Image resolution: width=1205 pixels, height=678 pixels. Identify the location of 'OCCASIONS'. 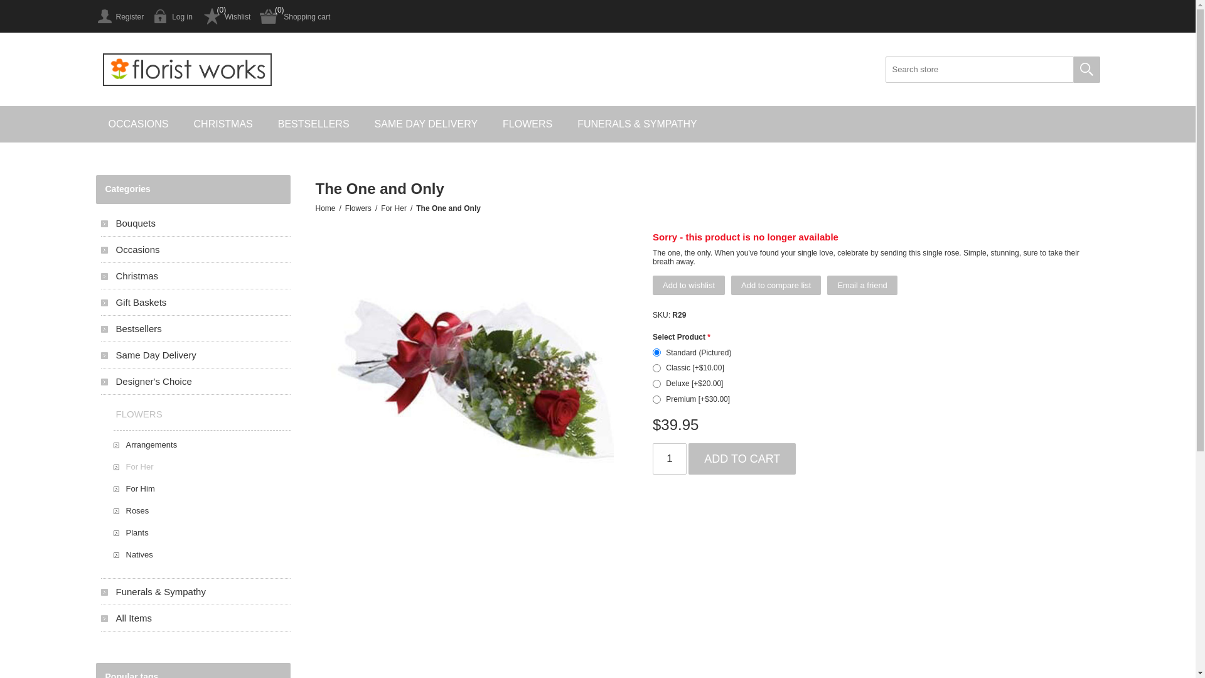
(138, 124).